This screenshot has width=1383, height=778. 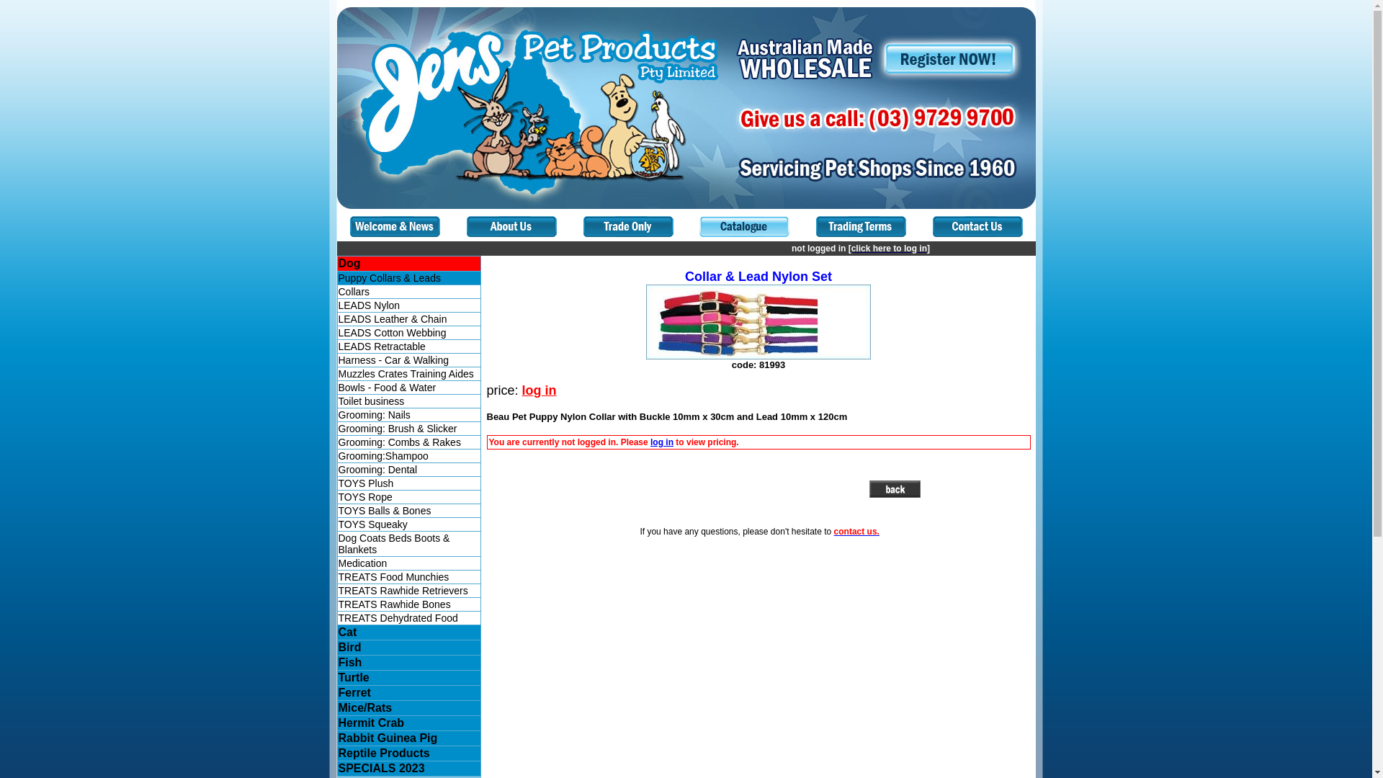 What do you see at coordinates (365, 496) in the screenshot?
I see `'TOYS Rope'` at bounding box center [365, 496].